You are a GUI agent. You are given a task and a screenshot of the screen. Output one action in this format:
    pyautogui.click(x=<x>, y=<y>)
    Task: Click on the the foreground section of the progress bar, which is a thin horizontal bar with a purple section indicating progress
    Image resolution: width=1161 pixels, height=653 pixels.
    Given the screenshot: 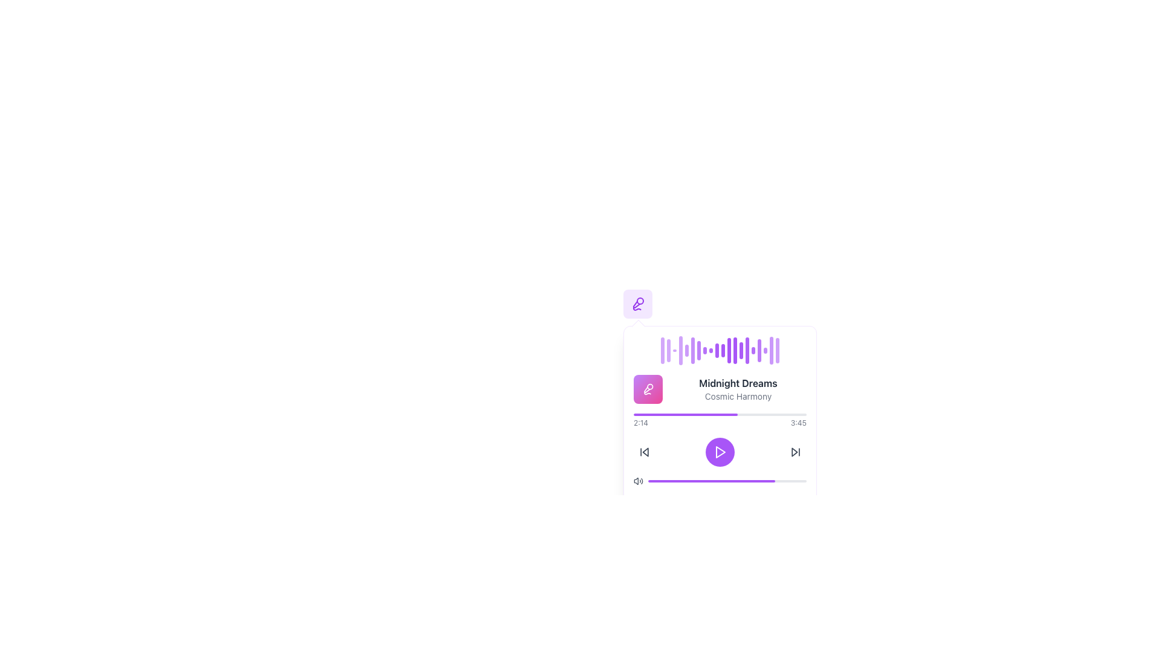 What is the action you would take?
    pyautogui.click(x=727, y=480)
    